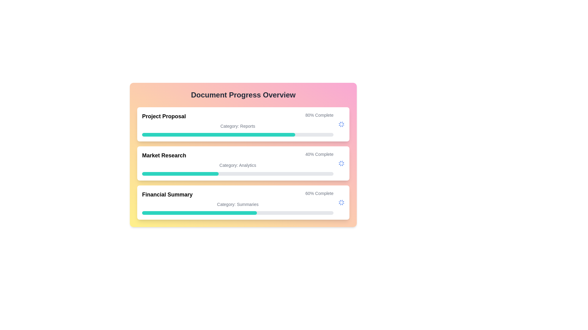 The height and width of the screenshot is (330, 588). What do you see at coordinates (237, 203) in the screenshot?
I see `the 'Financial Summary' section, which includes a progress bar indicating '60% Complete' and a label 'Category: Summaries'. This section is the third in the Document Progress Overview` at bounding box center [237, 203].